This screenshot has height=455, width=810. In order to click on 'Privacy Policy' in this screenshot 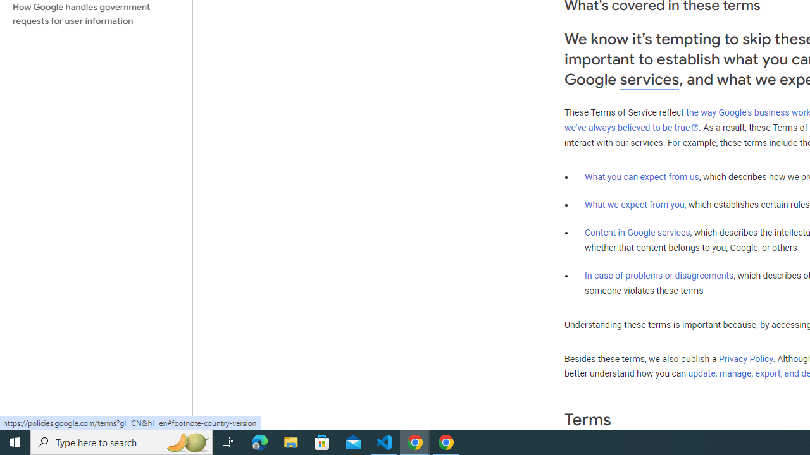, I will do `click(745, 358)`.